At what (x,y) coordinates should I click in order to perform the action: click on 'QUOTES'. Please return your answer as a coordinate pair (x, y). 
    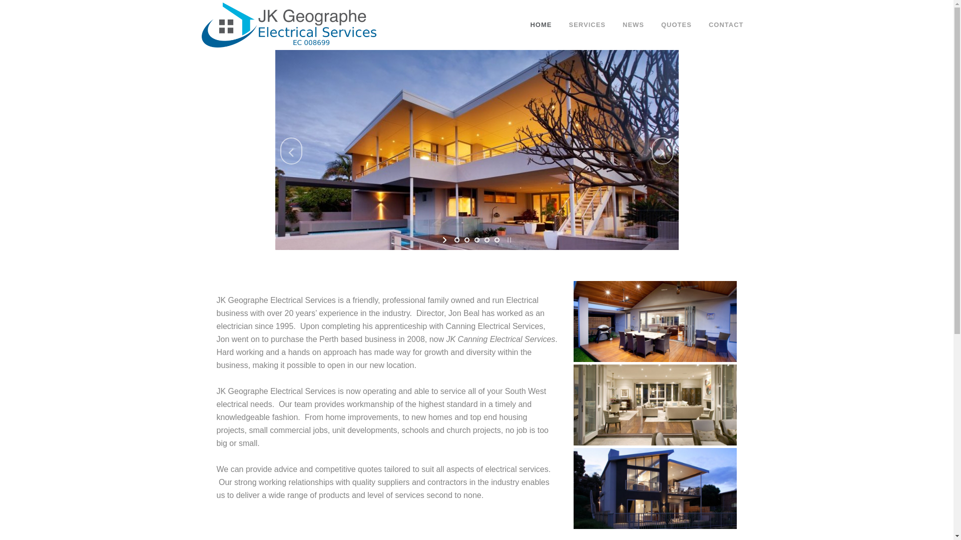
    Looking at the image, I should click on (653, 24).